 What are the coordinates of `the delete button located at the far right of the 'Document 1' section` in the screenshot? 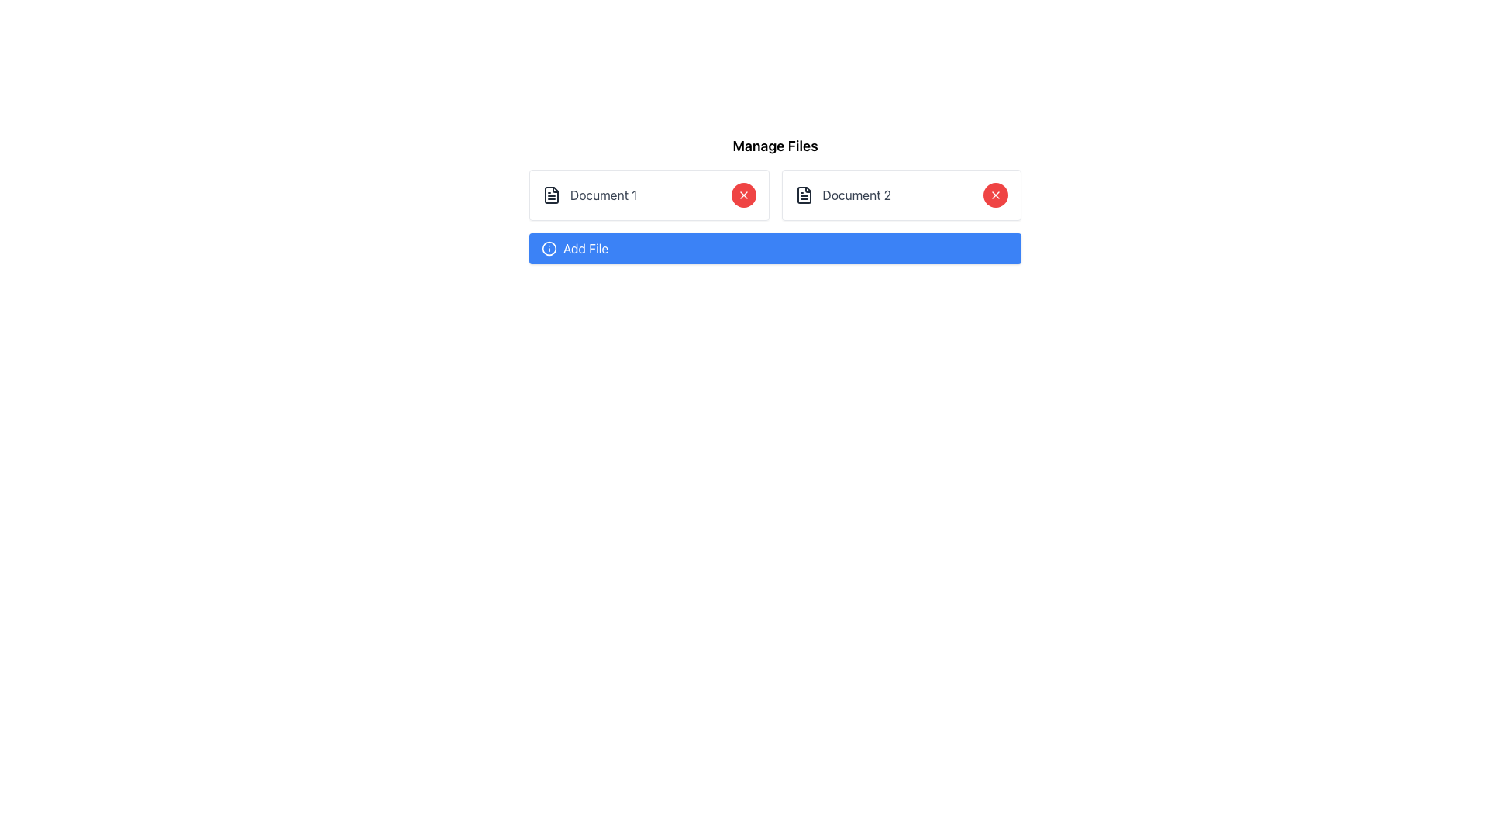 It's located at (742, 194).